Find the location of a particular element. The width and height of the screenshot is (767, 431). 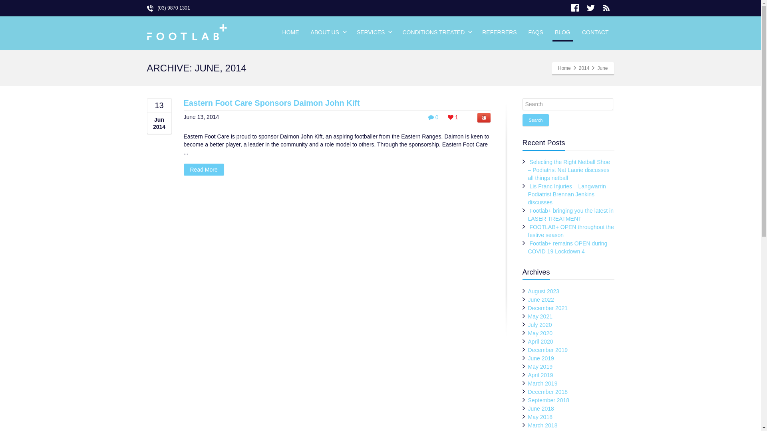

'FAQS' is located at coordinates (523, 32).